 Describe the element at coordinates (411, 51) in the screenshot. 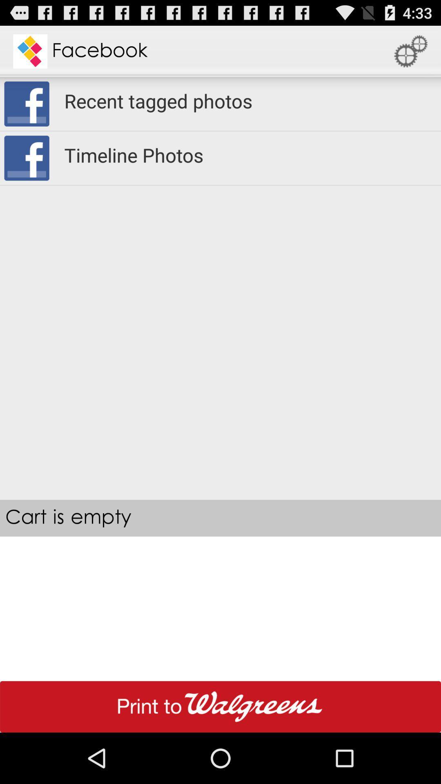

I see `icon above the recent tagged photos app` at that location.